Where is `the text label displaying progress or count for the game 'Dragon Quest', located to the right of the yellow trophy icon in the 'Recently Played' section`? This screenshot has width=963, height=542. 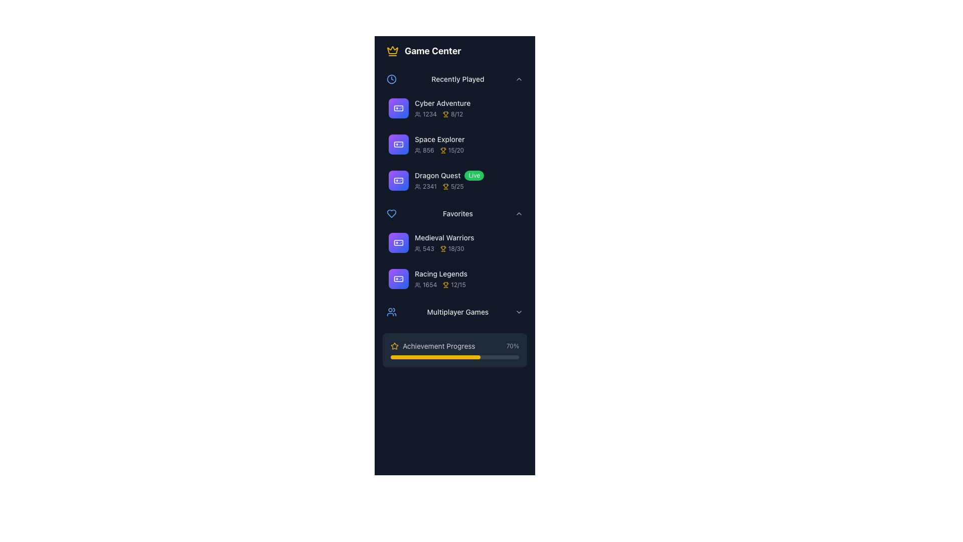 the text label displaying progress or count for the game 'Dragon Quest', located to the right of the yellow trophy icon in the 'Recently Played' section is located at coordinates (456, 186).